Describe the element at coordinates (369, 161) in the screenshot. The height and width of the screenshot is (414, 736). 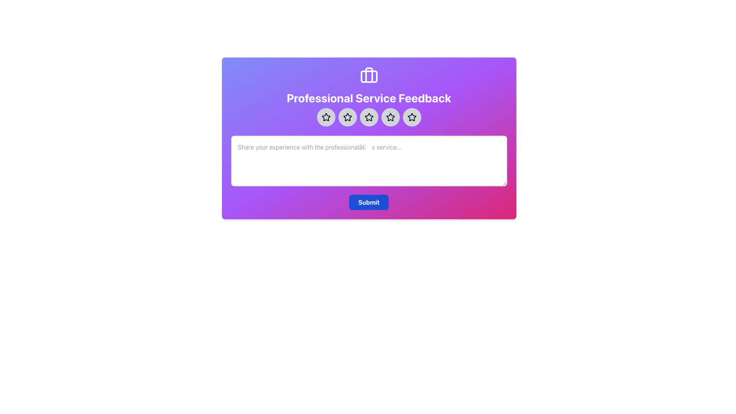
I see `the text in the multiline Text Input Area located below the star rating icons and above the blue 'Submit' button in the feedback form` at that location.